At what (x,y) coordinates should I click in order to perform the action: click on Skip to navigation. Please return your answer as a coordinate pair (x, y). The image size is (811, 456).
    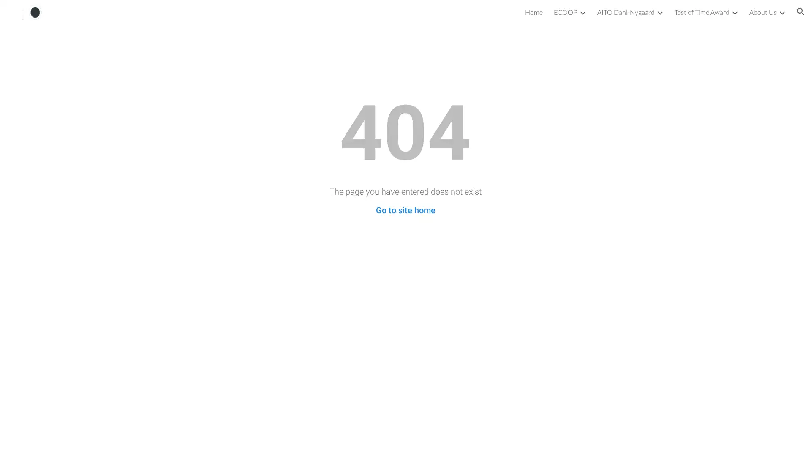
    Looking at the image, I should click on (481, 16).